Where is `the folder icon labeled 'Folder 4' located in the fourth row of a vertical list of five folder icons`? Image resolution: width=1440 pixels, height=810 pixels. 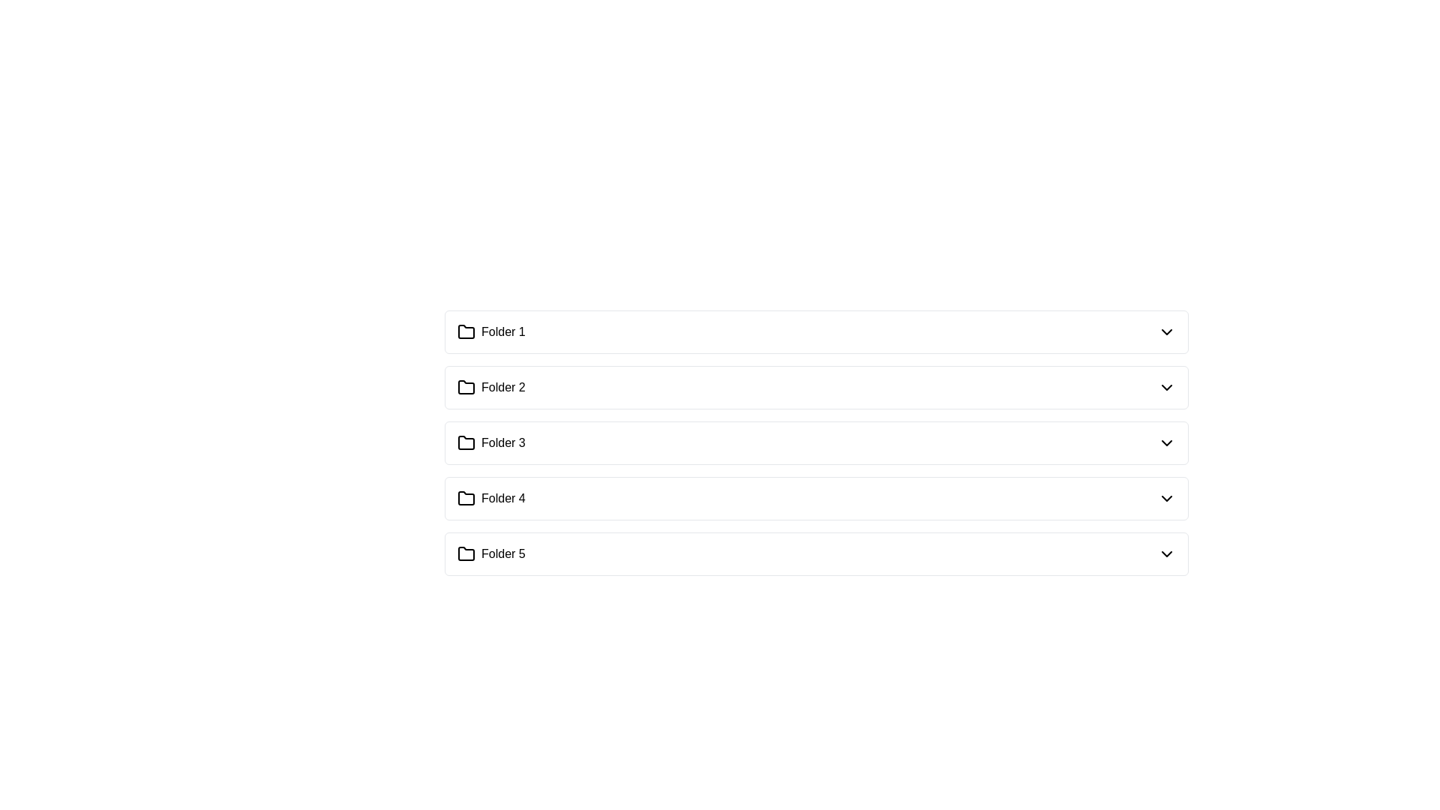 the folder icon labeled 'Folder 4' located in the fourth row of a vertical list of five folder icons is located at coordinates (466, 497).